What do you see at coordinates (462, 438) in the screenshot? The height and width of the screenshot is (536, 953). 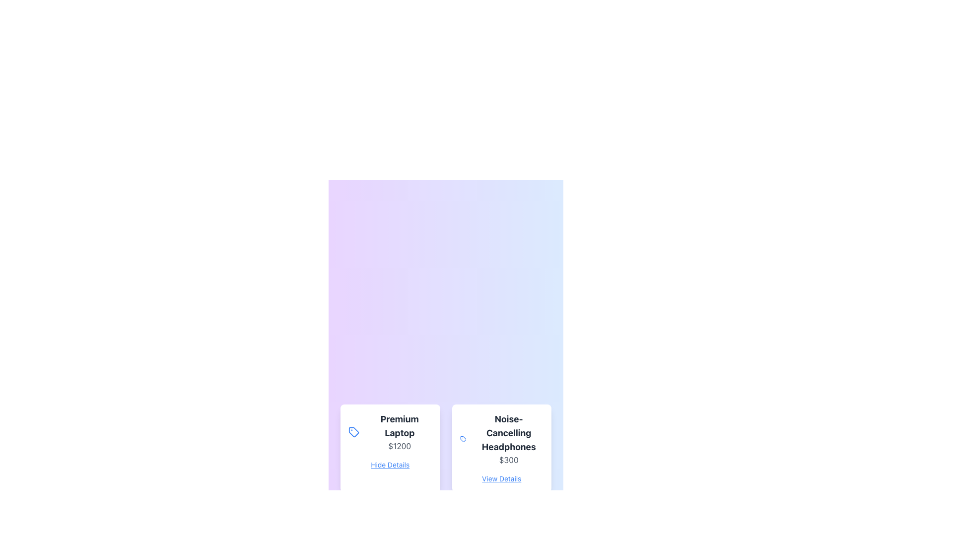 I see `the icon representing the 'Noise-Cancelling Headphones' in the second card from the left` at bounding box center [462, 438].